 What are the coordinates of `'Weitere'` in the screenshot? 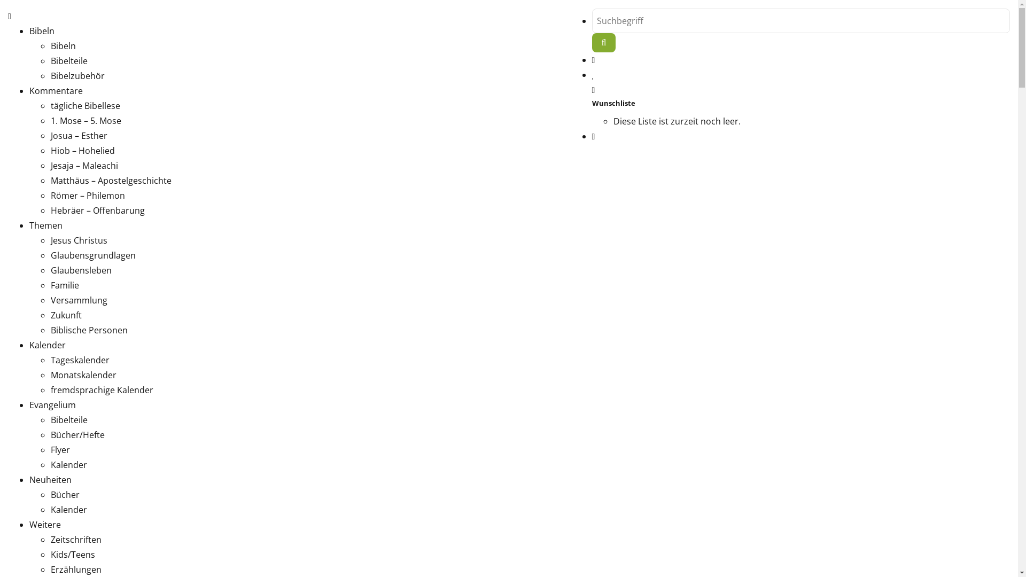 It's located at (44, 524).